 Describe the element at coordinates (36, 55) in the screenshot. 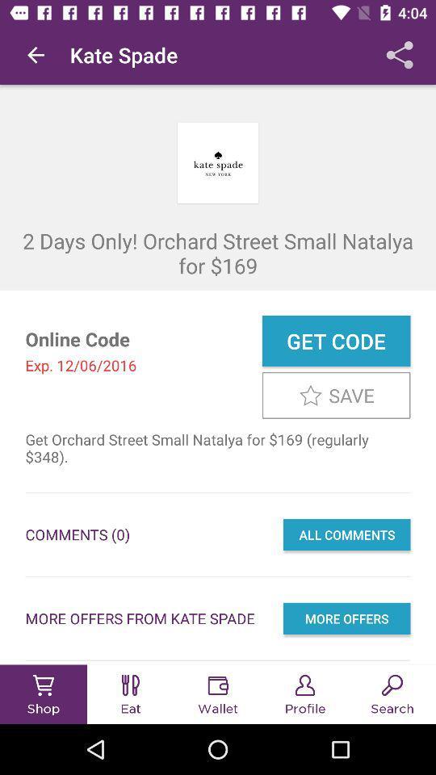

I see `icon to the left of the kate spade item` at that location.